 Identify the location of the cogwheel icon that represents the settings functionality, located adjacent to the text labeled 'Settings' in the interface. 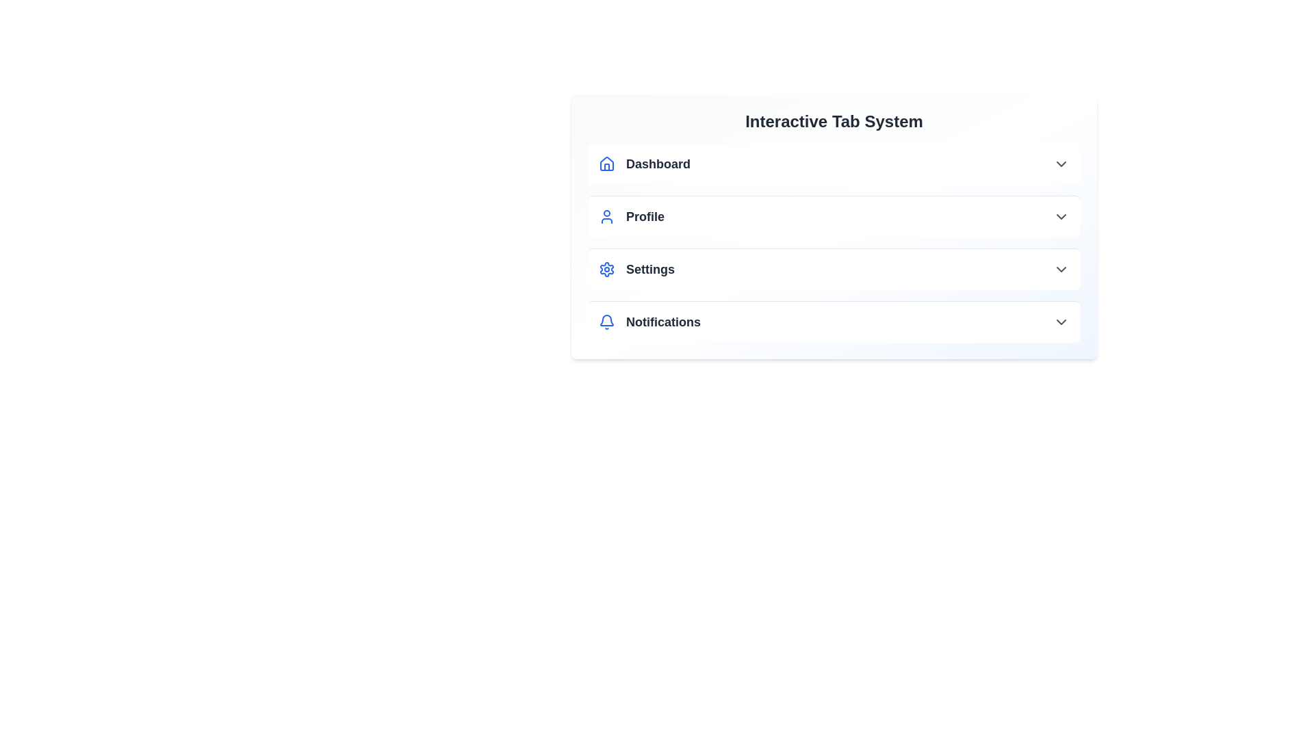
(606, 269).